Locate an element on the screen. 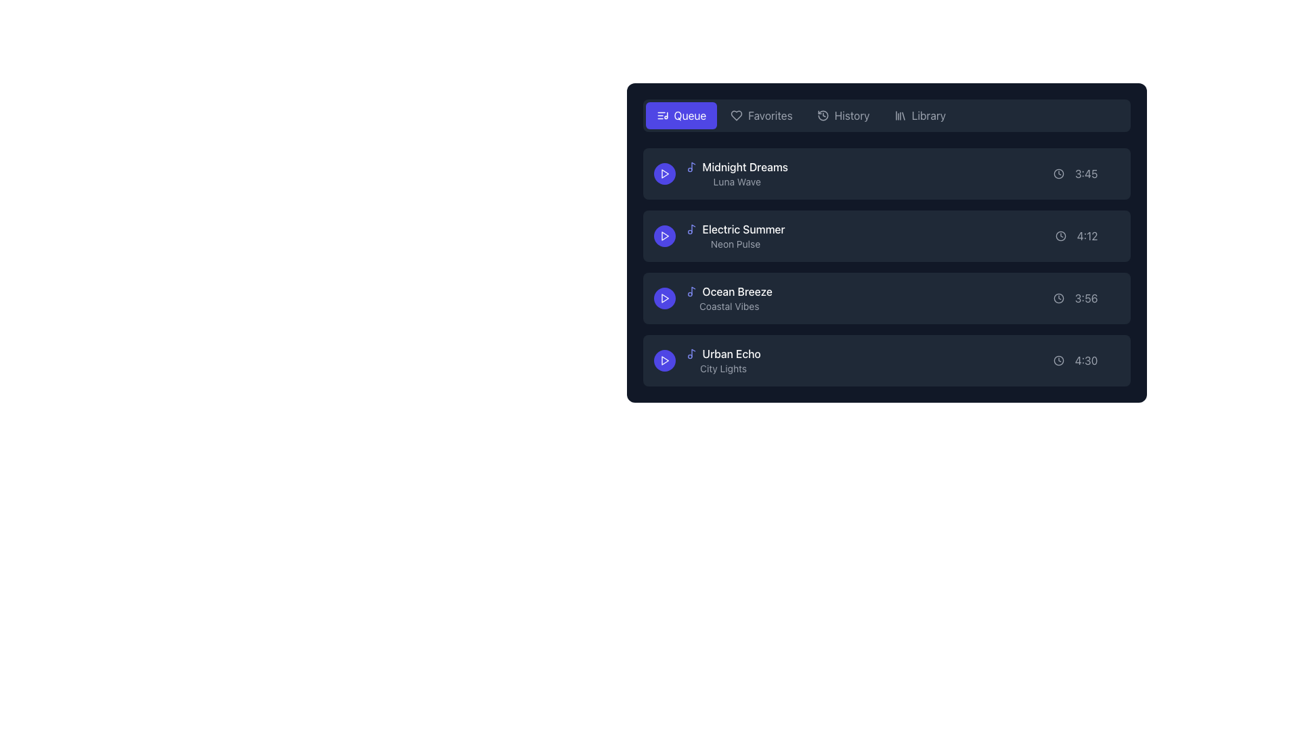 This screenshot has width=1300, height=731. the text label that serves as a descriptive subtitle for the main heading 'Electric Summer', positioned directly below it in the vertical list of items is located at coordinates (735, 244).